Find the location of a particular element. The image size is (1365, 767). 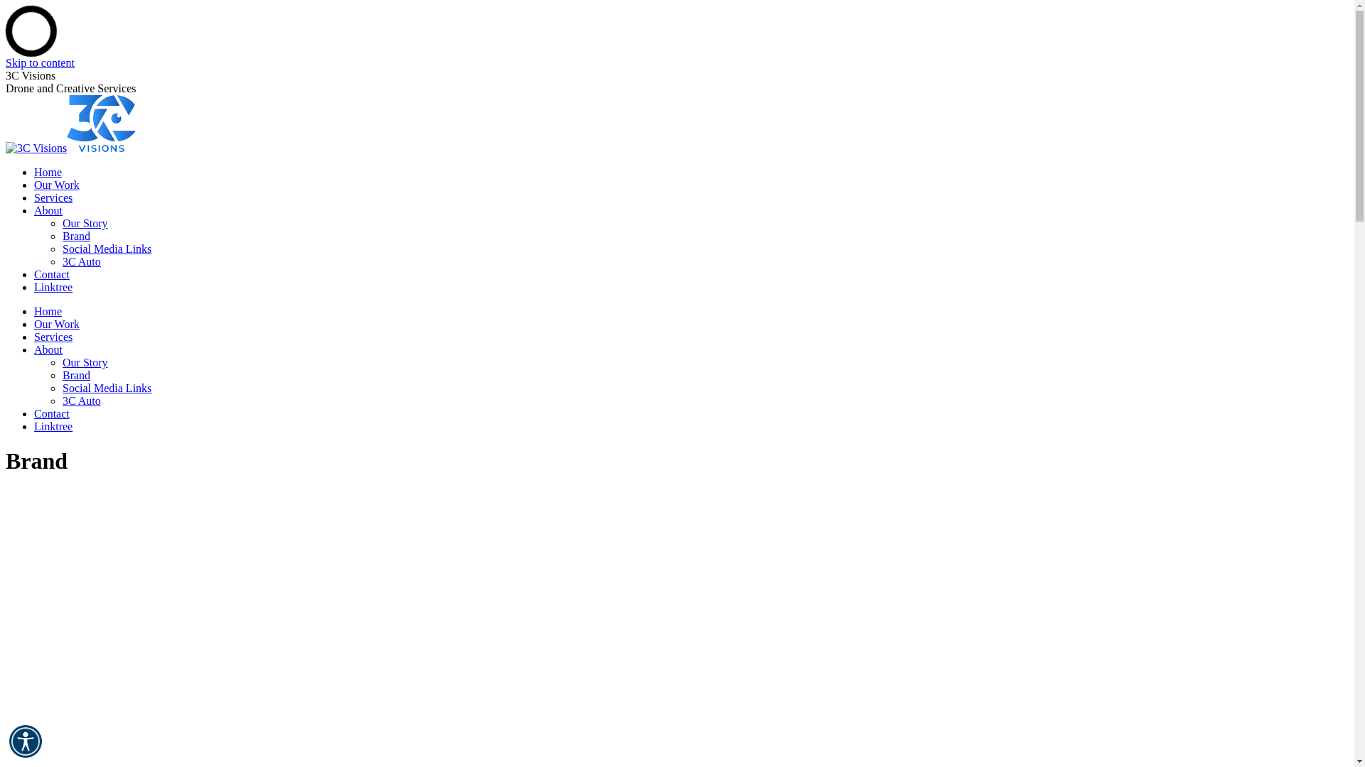

'Services' is located at coordinates (53, 197).